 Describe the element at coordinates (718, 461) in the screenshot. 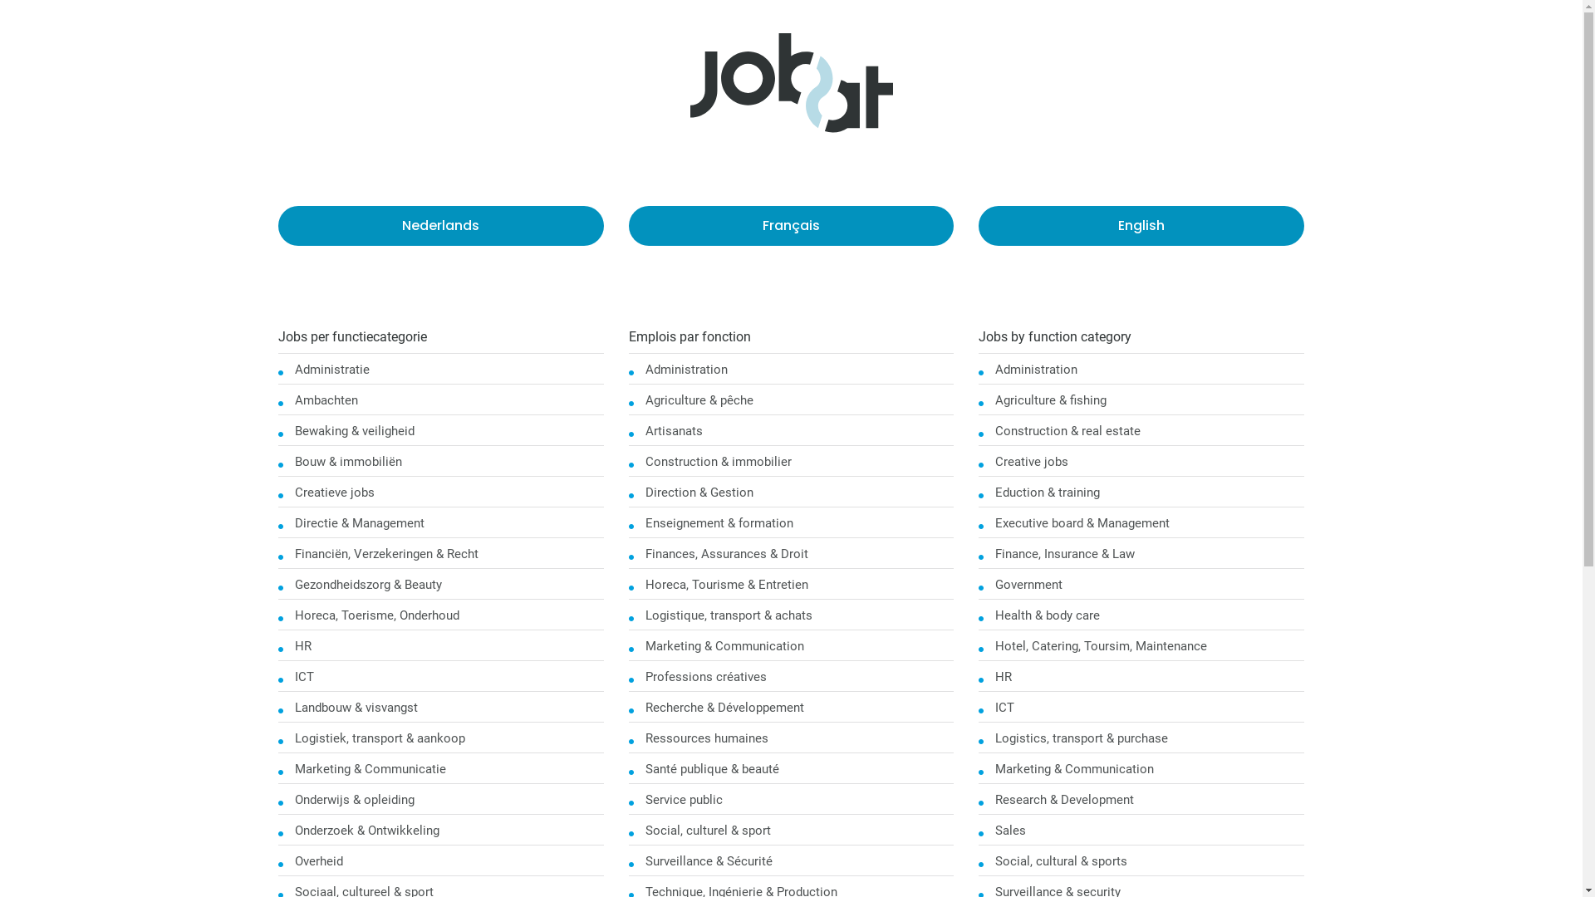

I see `'Construction & immobilier'` at that location.